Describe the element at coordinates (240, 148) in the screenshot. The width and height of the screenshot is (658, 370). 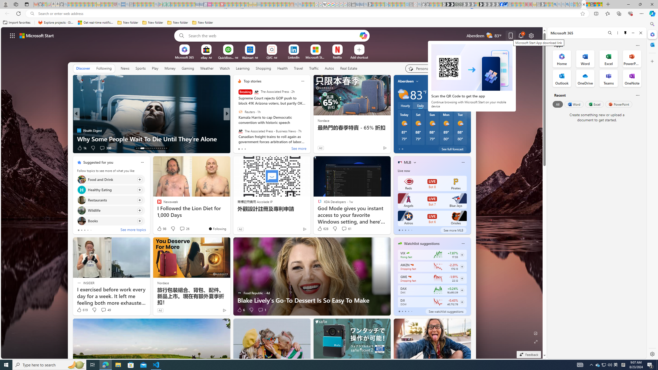
I see `'28 Like'` at that location.